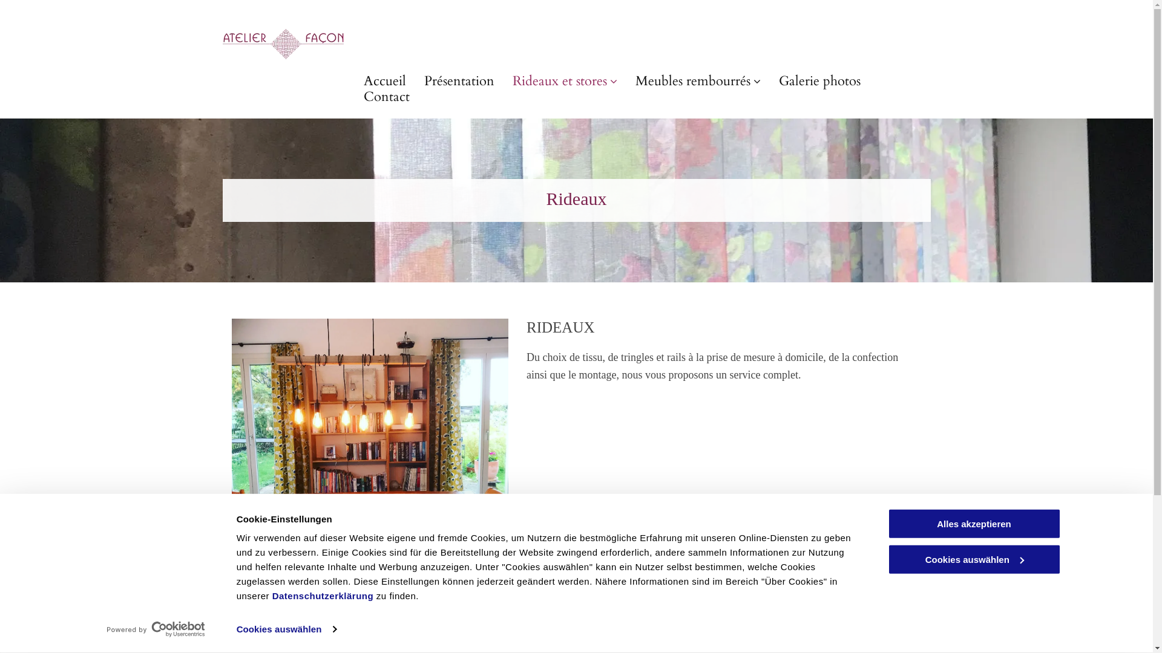  Describe the element at coordinates (887, 523) in the screenshot. I see `'Alles akzeptieren'` at that location.